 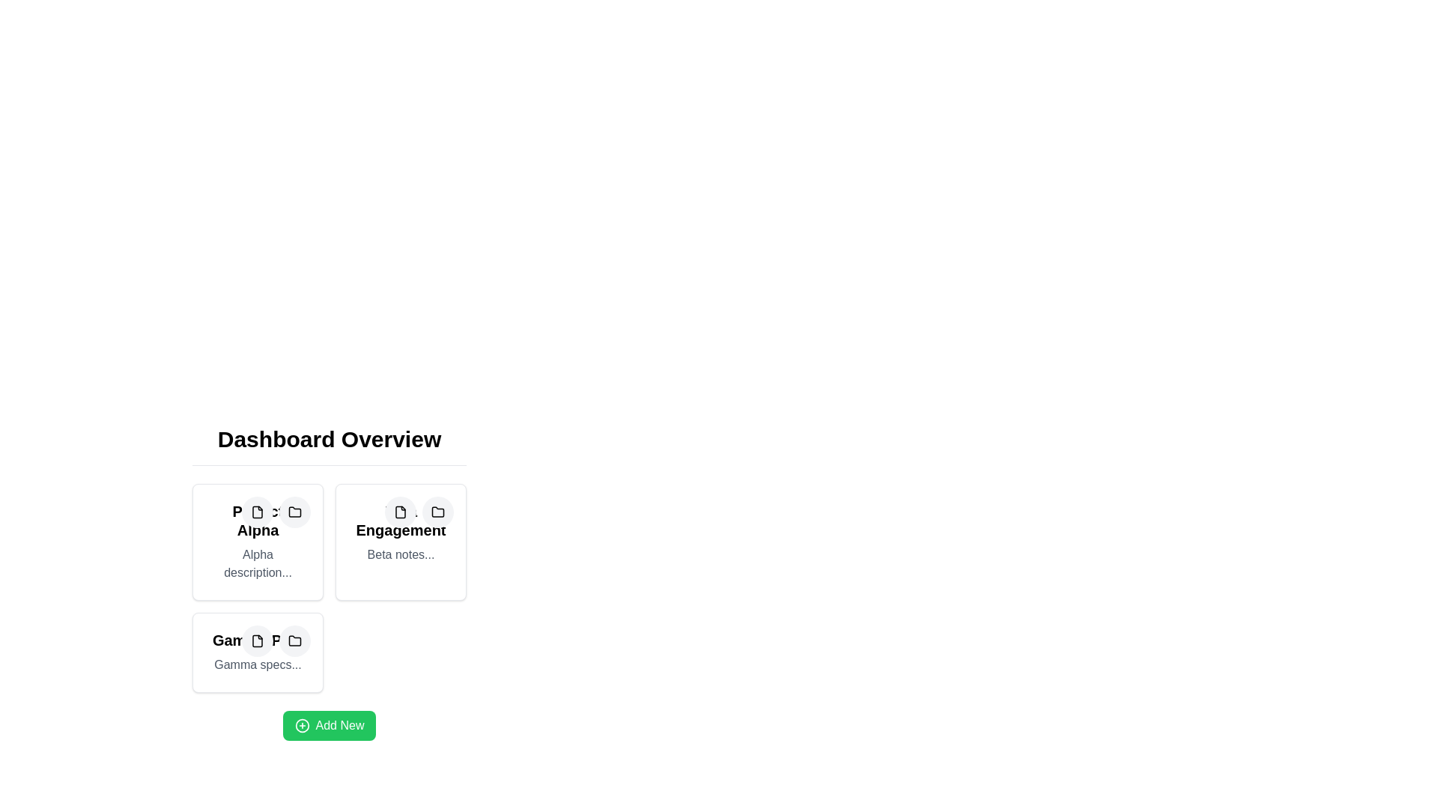 What do you see at coordinates (401, 520) in the screenshot?
I see `the text label 'Beta Engagement' which is prominently displayed in a bold font on a white background within the second card of a 2x2 grid layout, located under the 'Dashboard Overview' heading` at bounding box center [401, 520].